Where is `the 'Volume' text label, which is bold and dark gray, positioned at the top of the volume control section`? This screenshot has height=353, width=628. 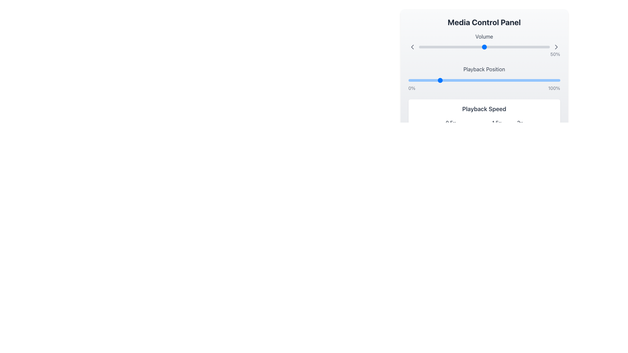 the 'Volume' text label, which is bold and dark gray, positioned at the top of the volume control section is located at coordinates (484, 36).